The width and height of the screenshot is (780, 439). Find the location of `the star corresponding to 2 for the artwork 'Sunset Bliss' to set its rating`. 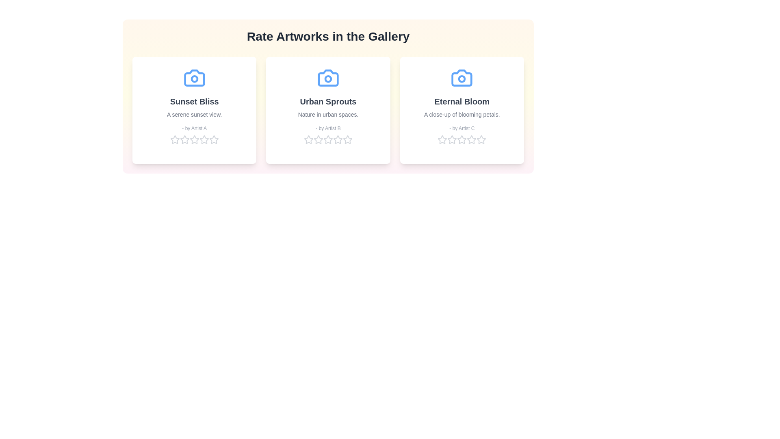

the star corresponding to 2 for the artwork 'Sunset Bliss' to set its rating is located at coordinates (184, 139).